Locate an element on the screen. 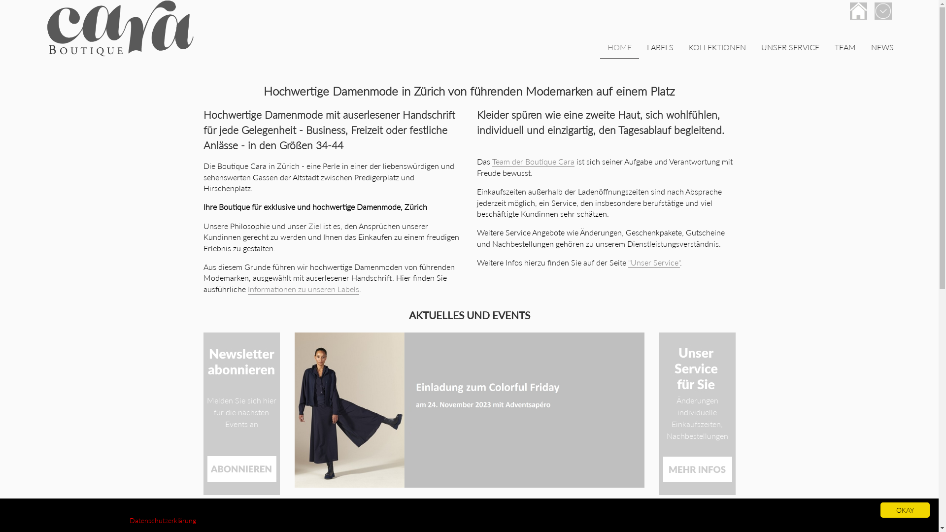 The height and width of the screenshot is (532, 946). 'Kontakt, Anfahrt' is located at coordinates (858, 11).